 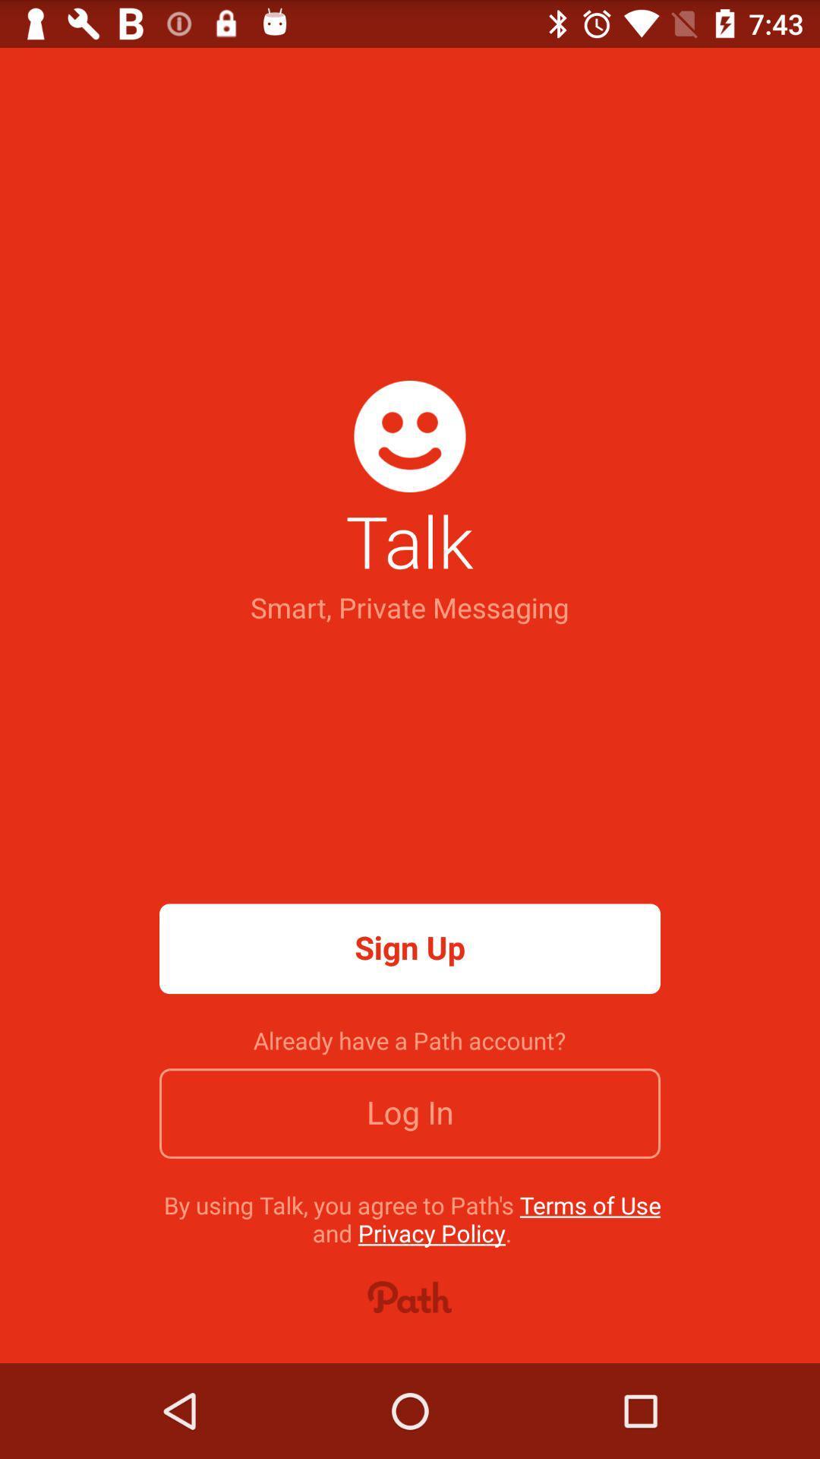 I want to click on the by using talk, so click(x=412, y=1219).